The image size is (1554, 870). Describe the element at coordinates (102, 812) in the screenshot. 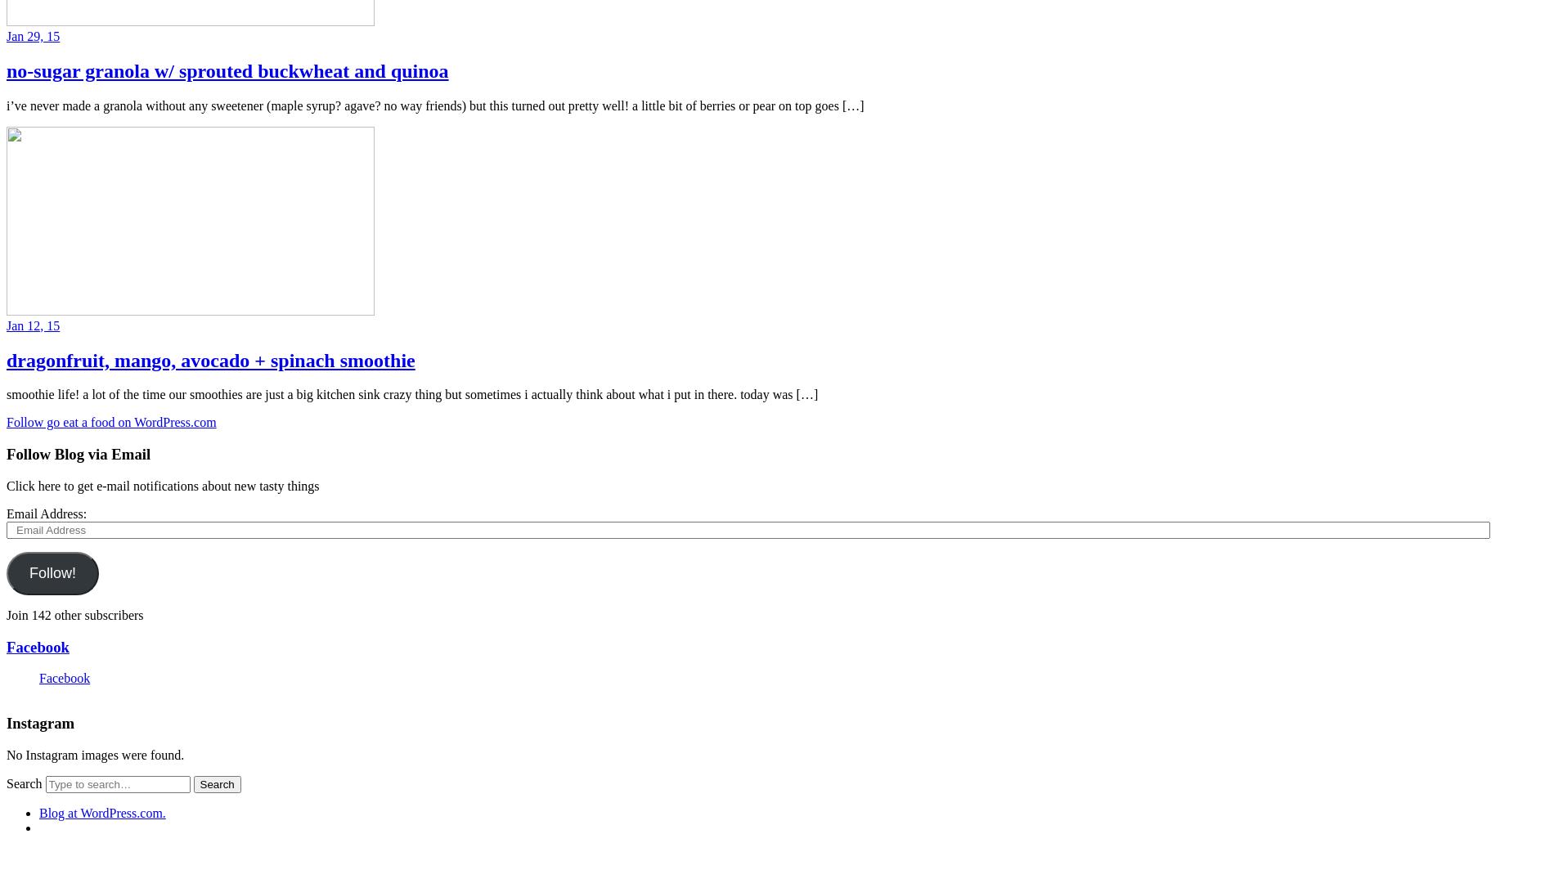

I see `'Blog at WordPress.com.'` at that location.